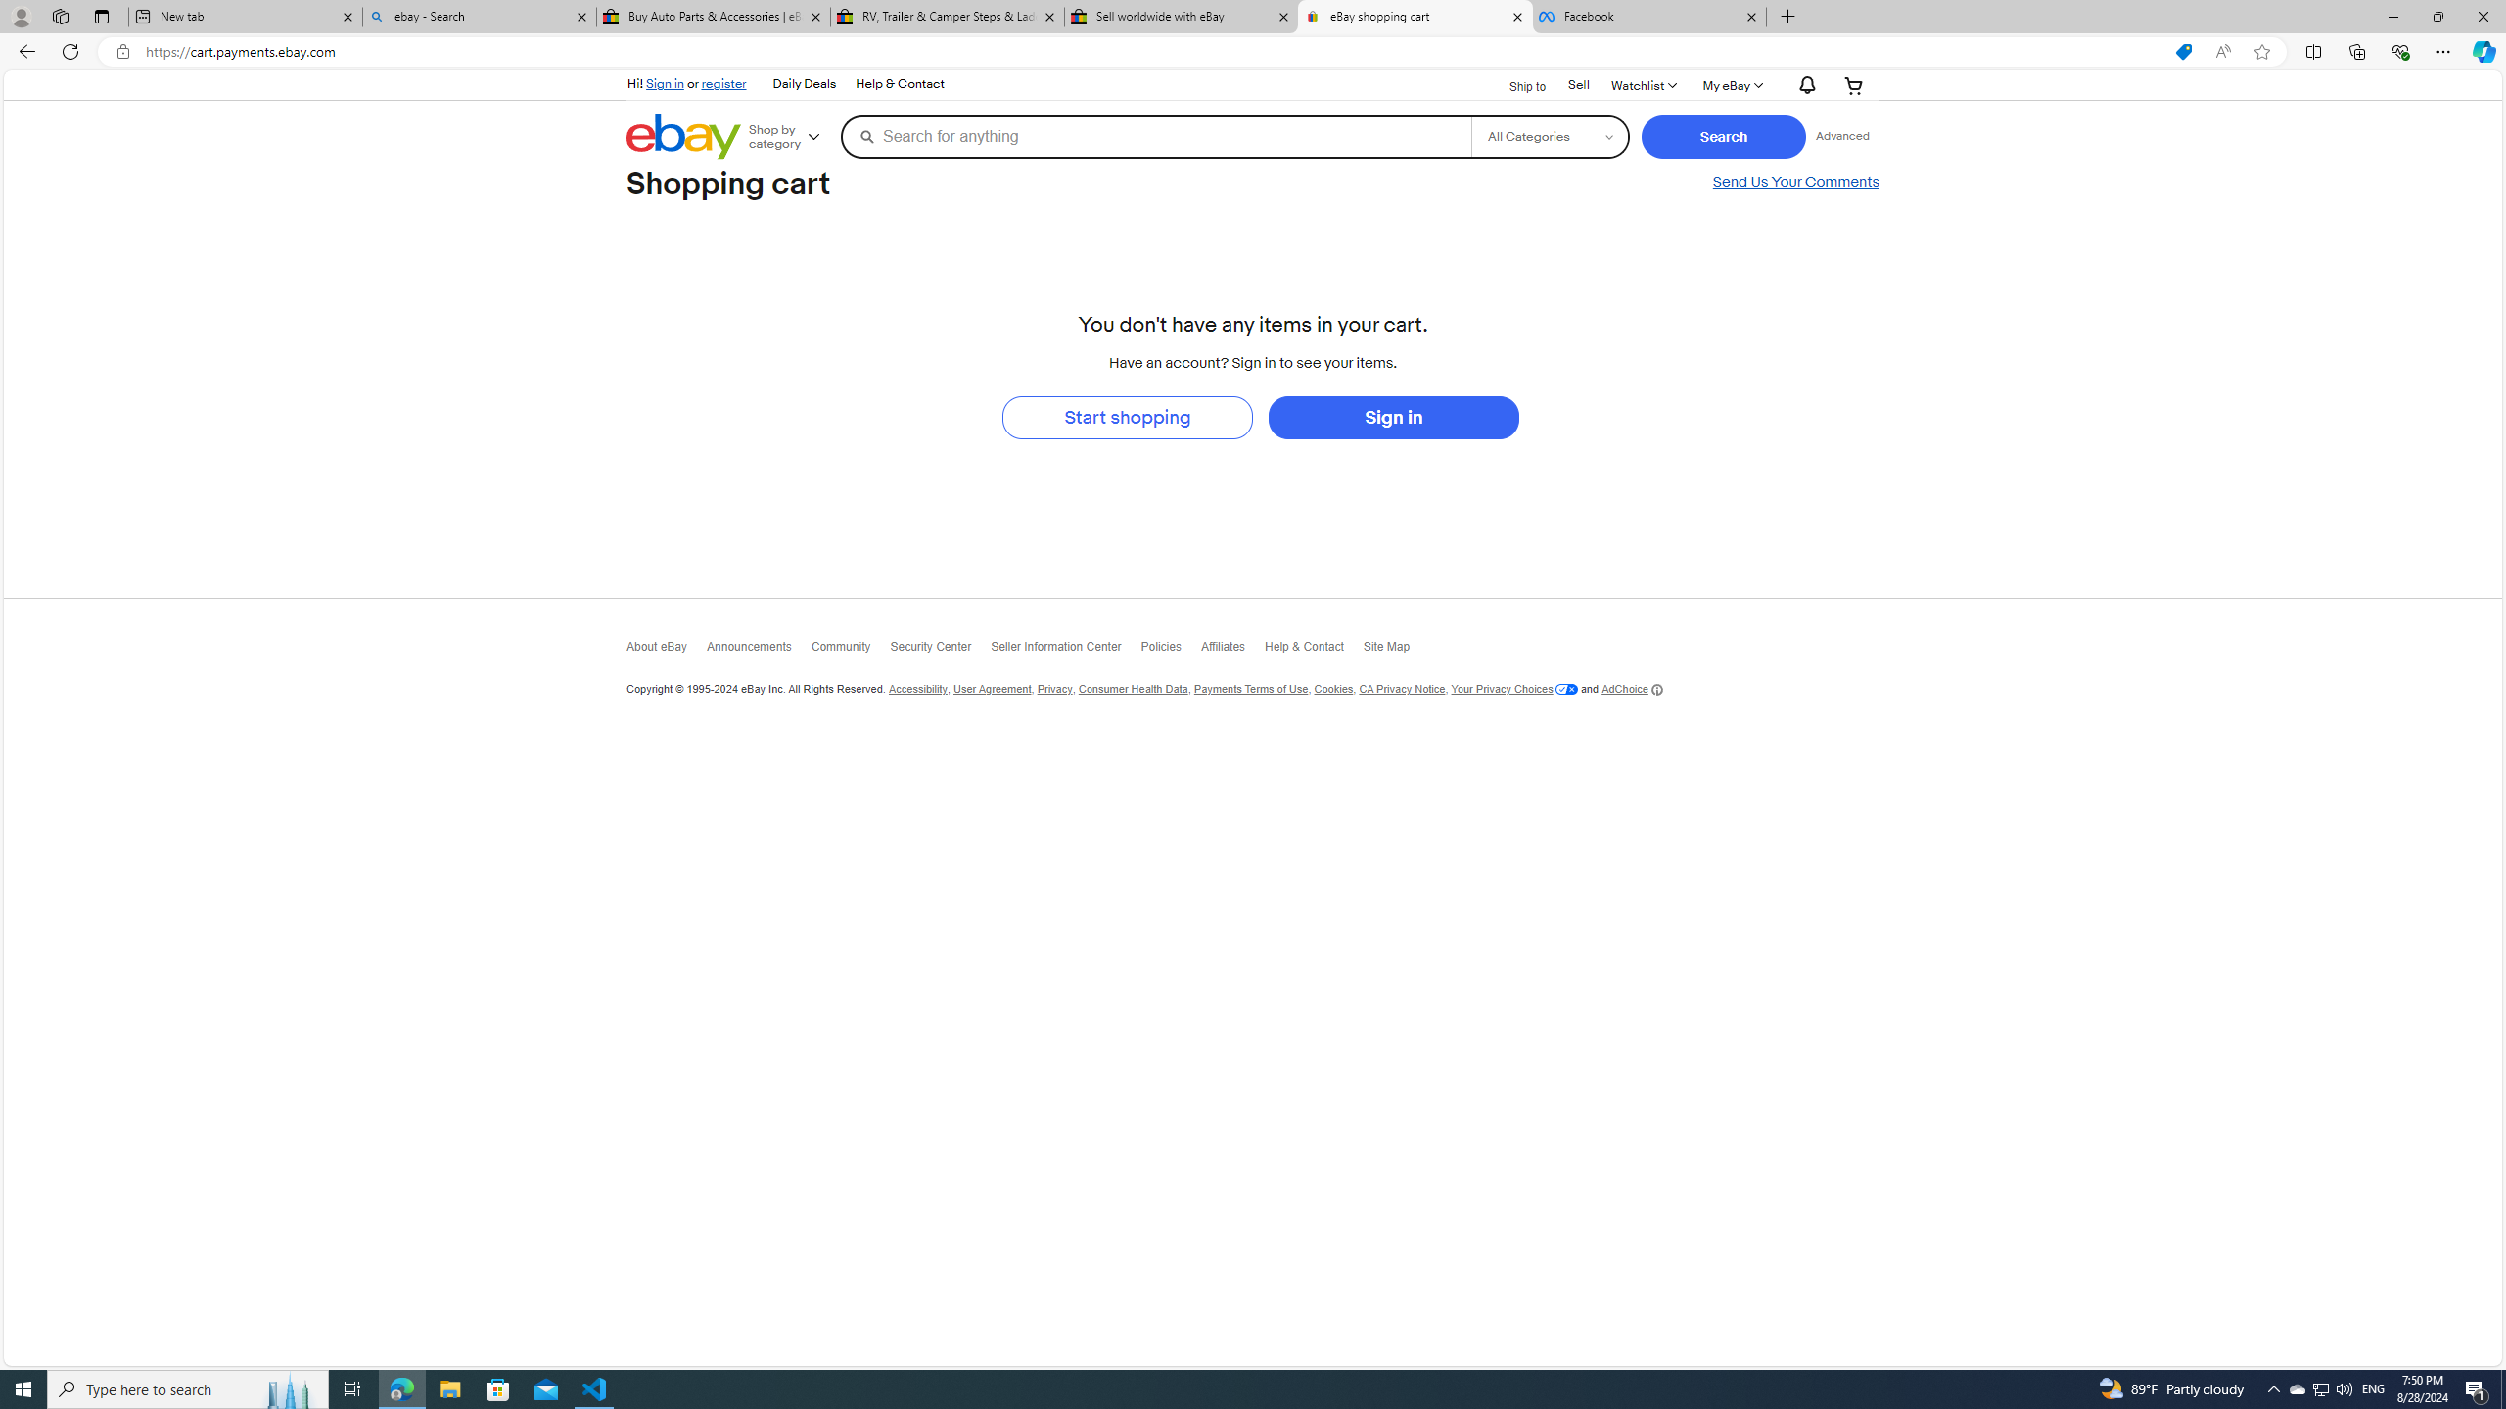 Image resolution: width=2506 pixels, height=1409 pixels. I want to click on 'eBay Home', so click(682, 136).